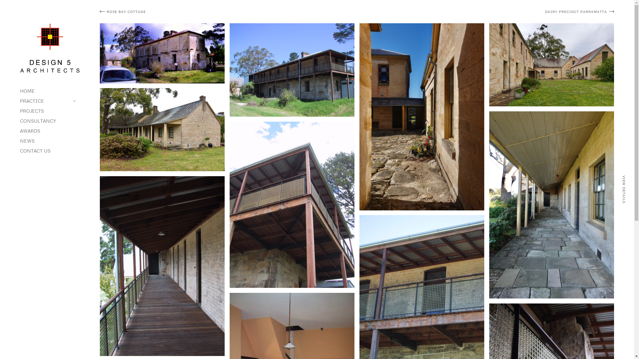 This screenshot has width=639, height=359. What do you see at coordinates (487, 12) in the screenshot?
I see `'DAIRY PRECINCT PARRAMATTA'` at bounding box center [487, 12].